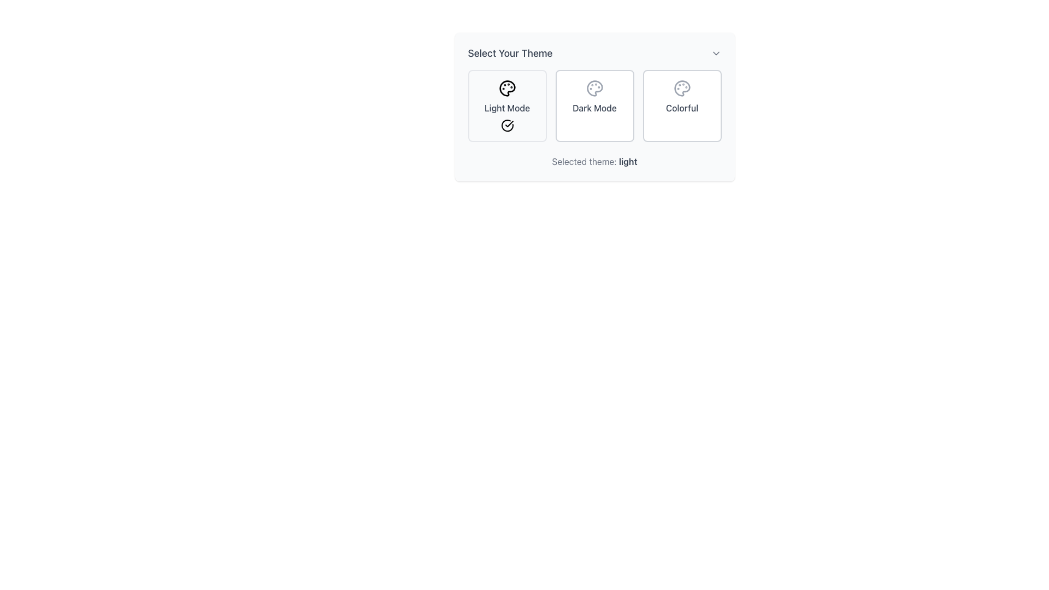 This screenshot has height=590, width=1049. What do you see at coordinates (594, 105) in the screenshot?
I see `the mode selection panel located beneath the 'Select Your Theme' header, which contains options for 'Light Mode', 'Dark Mode', and 'Colorful'` at bounding box center [594, 105].